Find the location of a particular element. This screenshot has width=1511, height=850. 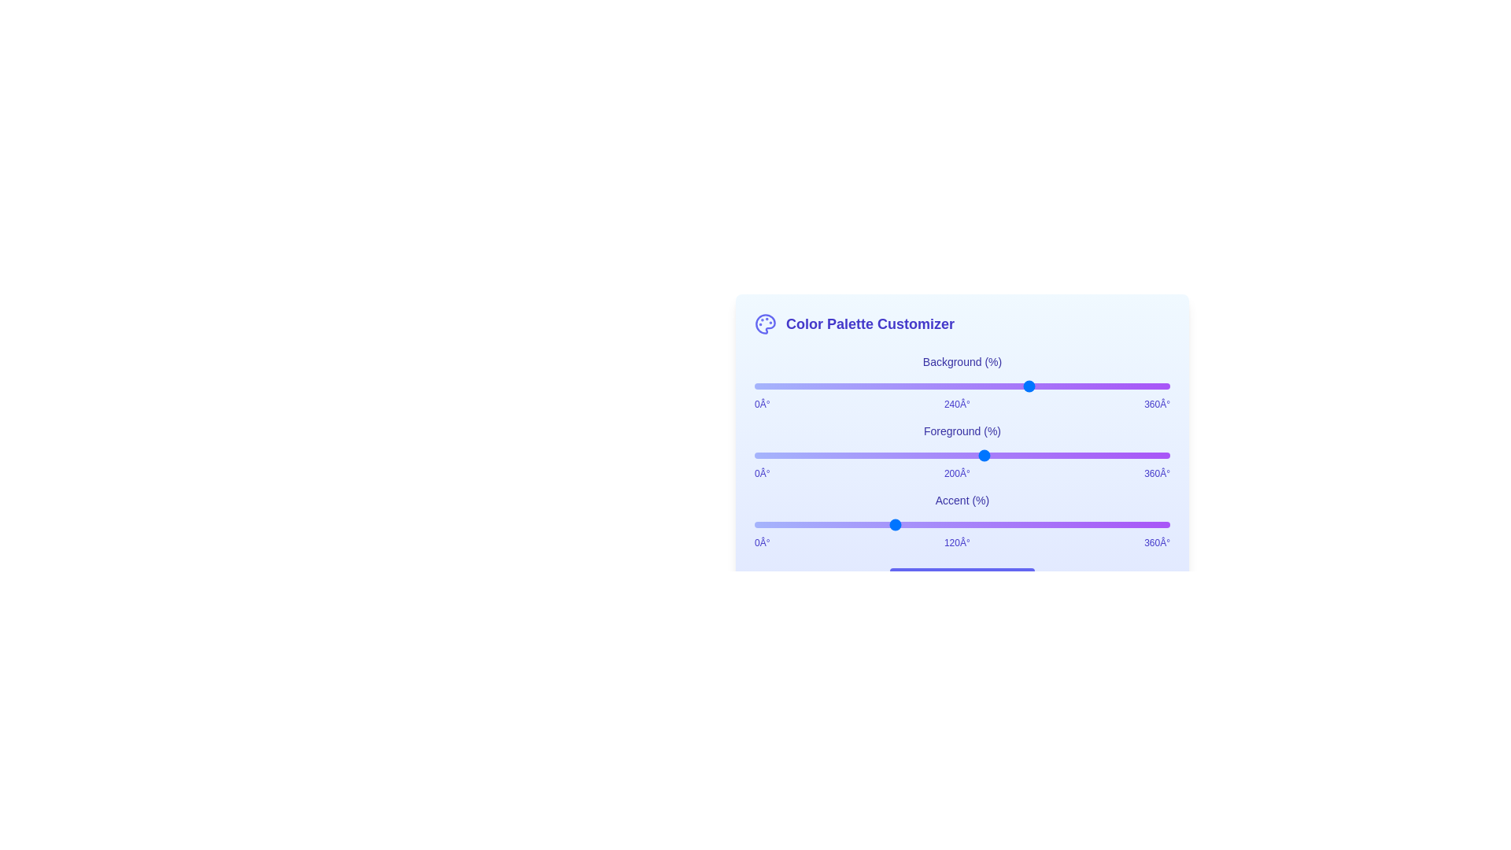

the text 'Background (%)' to highlight it is located at coordinates (962, 361).